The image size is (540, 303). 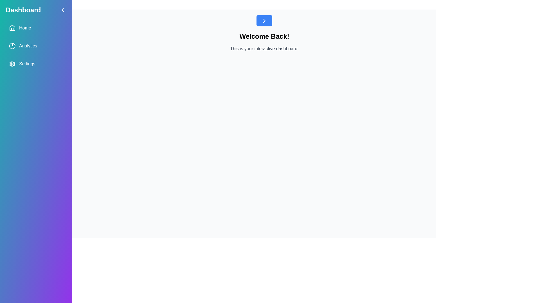 What do you see at coordinates (36, 46) in the screenshot?
I see `the menu item Analytics in the drawer` at bounding box center [36, 46].